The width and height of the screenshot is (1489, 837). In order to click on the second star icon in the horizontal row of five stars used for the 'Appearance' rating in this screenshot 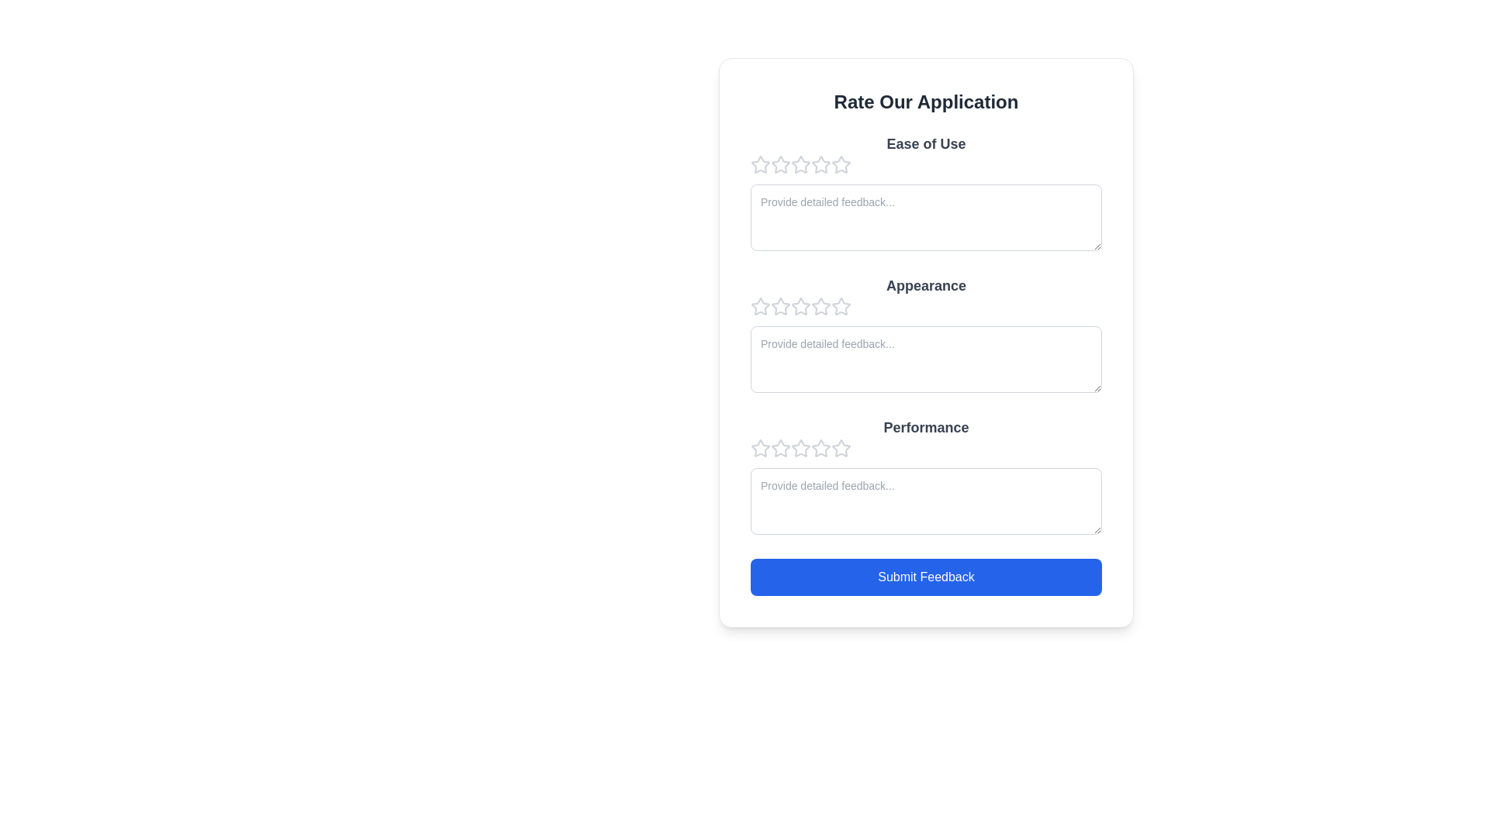, I will do `click(819, 305)`.